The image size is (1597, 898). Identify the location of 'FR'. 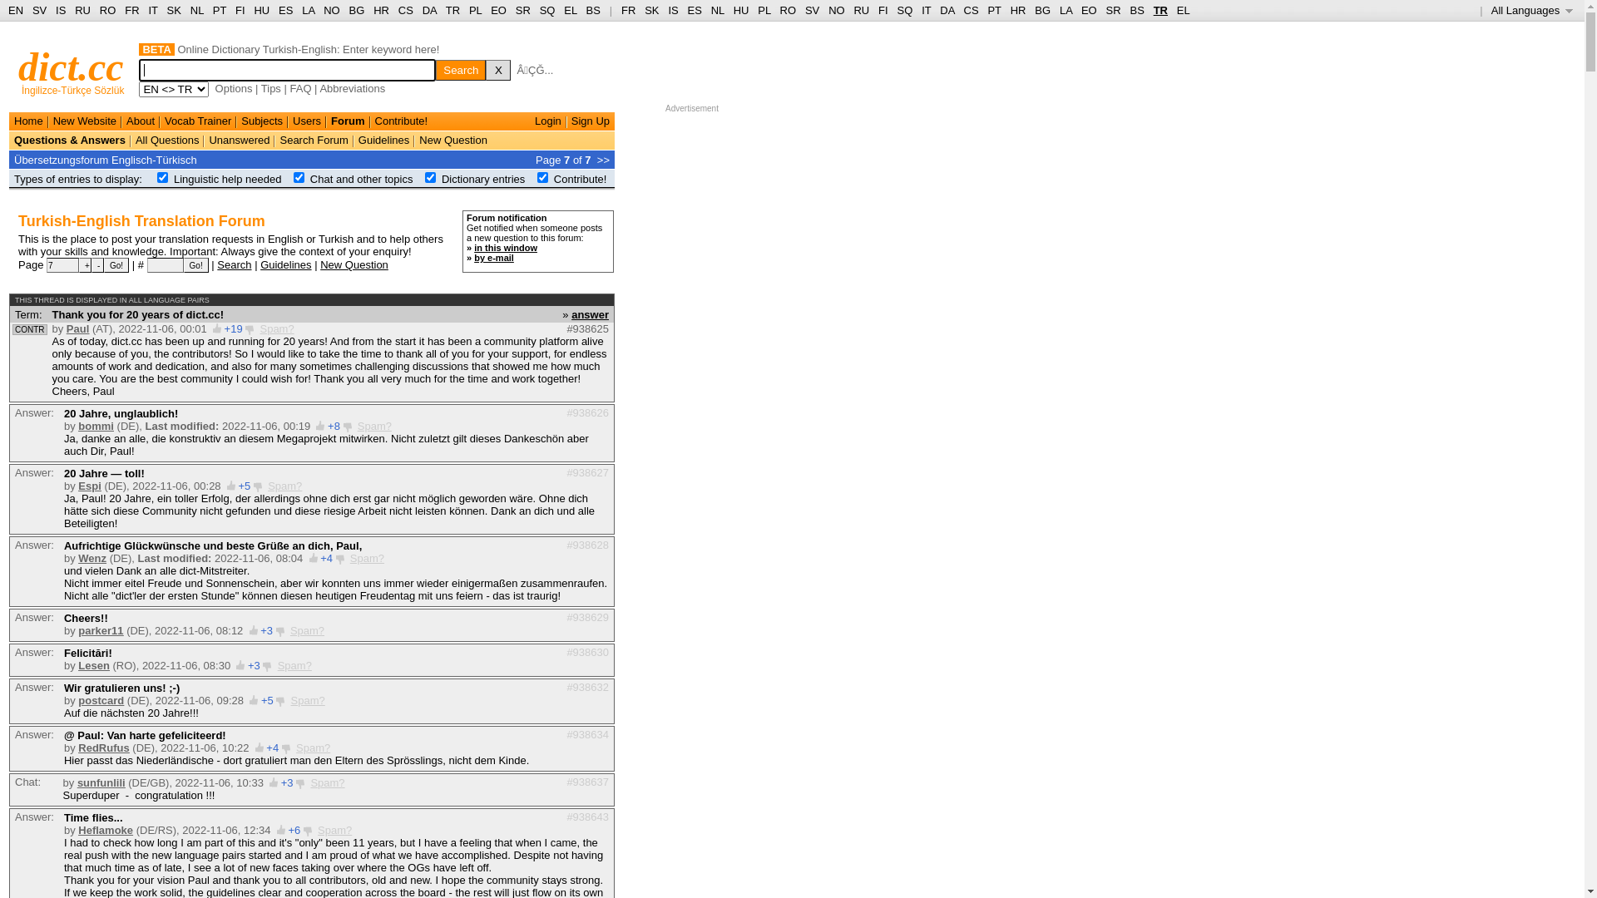
(131, 10).